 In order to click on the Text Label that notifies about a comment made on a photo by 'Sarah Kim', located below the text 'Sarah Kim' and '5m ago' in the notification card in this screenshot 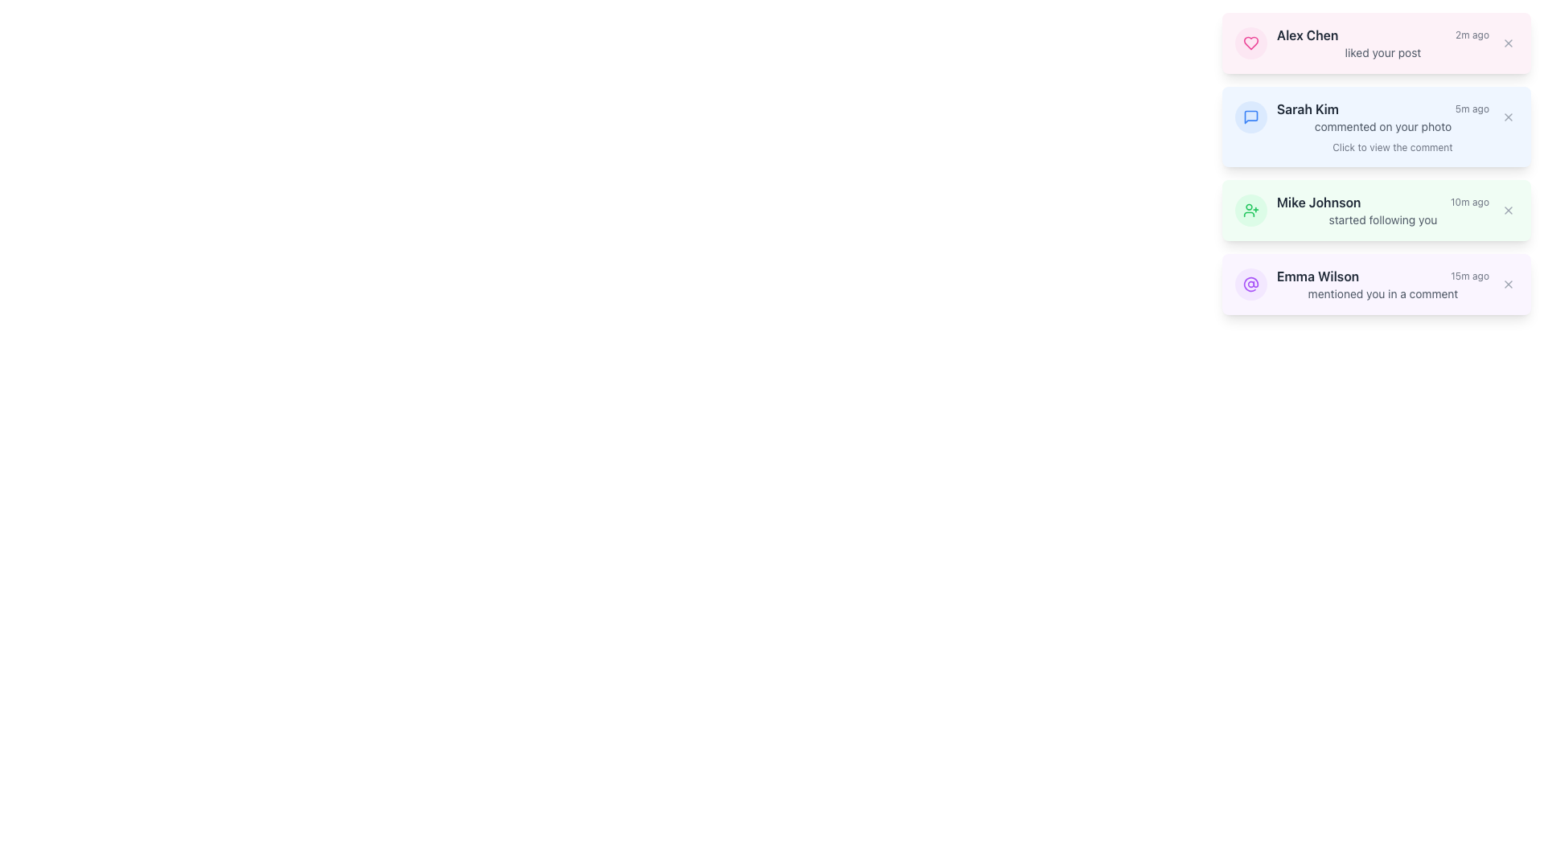, I will do `click(1382, 126)`.